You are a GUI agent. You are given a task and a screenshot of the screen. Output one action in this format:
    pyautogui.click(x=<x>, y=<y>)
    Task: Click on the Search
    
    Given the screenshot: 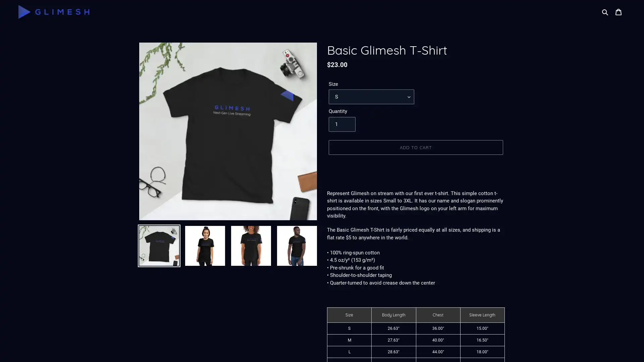 What is the action you would take?
    pyautogui.click(x=605, y=11)
    